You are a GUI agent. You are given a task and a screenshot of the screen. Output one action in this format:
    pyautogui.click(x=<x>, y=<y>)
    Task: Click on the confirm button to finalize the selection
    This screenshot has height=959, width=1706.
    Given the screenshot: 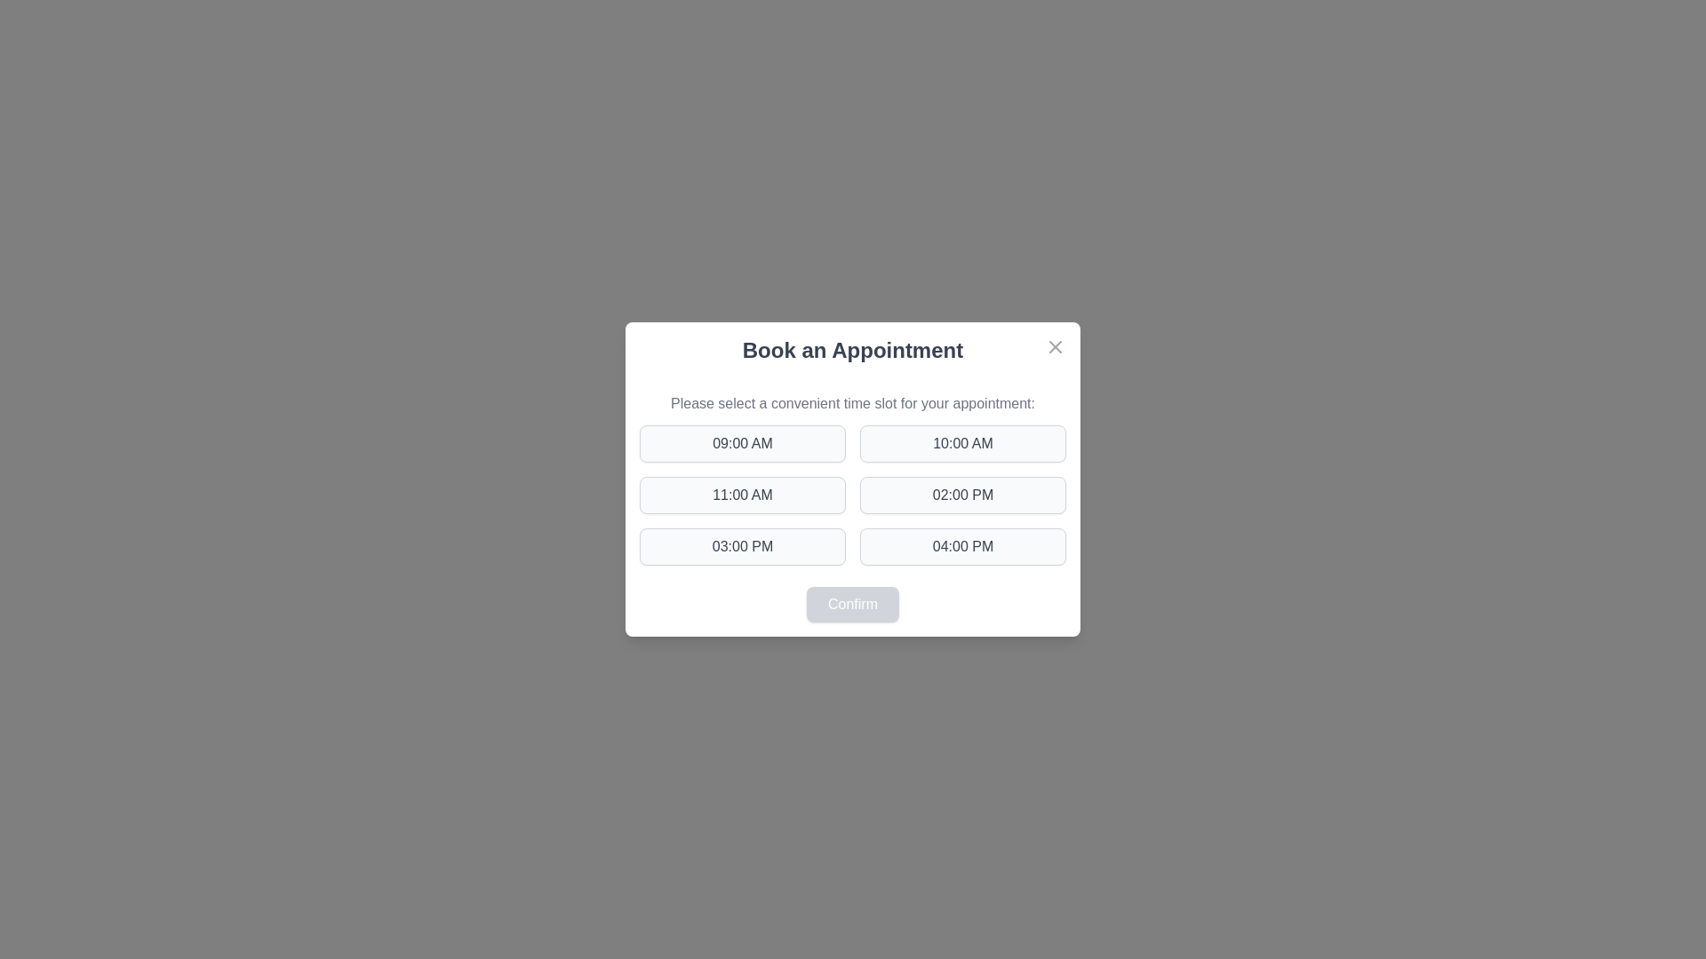 What is the action you would take?
    pyautogui.click(x=853, y=604)
    